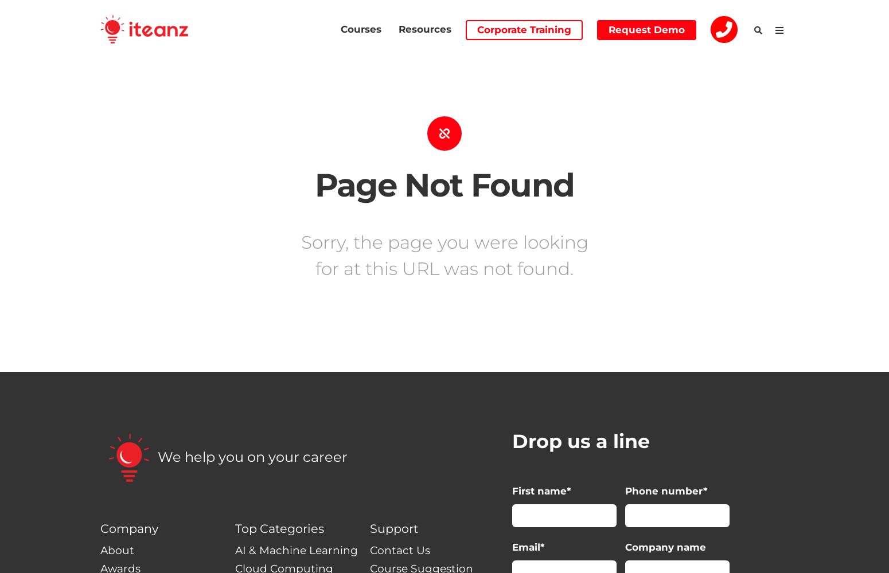  Describe the element at coordinates (525, 546) in the screenshot. I see `'Email'` at that location.